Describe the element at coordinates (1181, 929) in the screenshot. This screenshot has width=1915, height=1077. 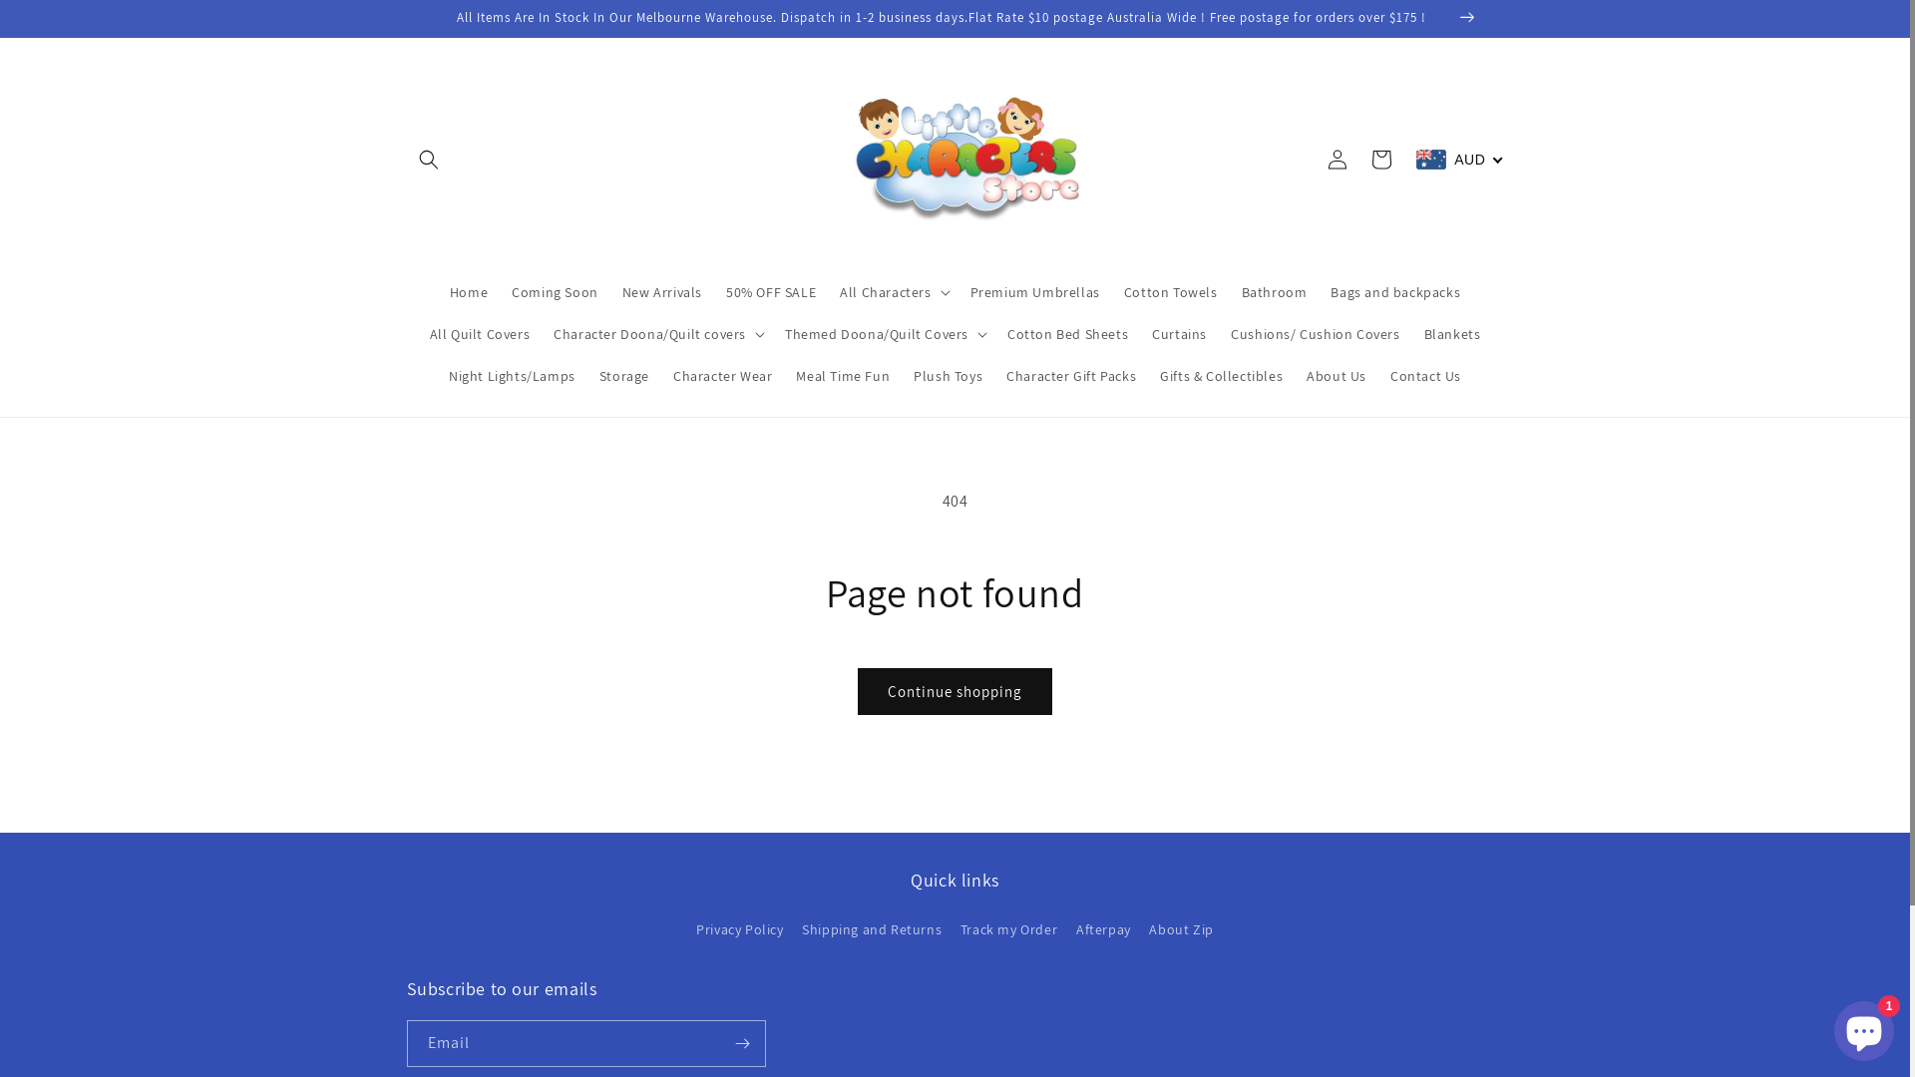
I see `'About Zip'` at that location.